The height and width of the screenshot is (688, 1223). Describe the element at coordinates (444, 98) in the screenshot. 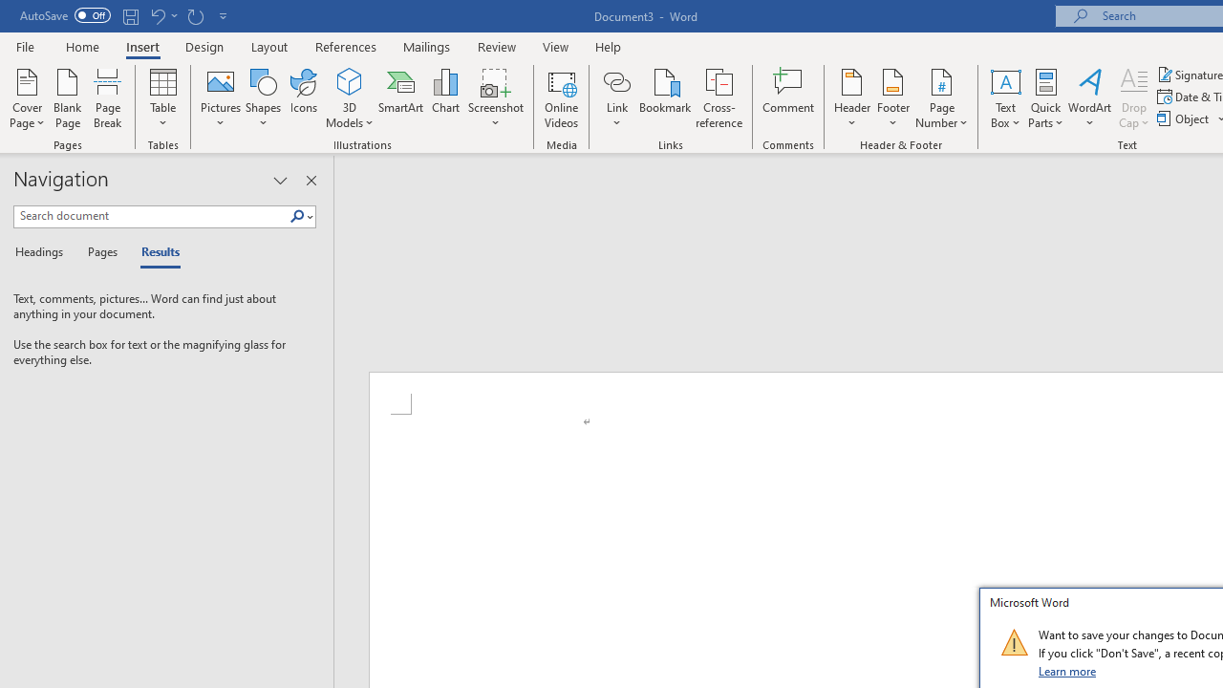

I see `'Chart...'` at that location.